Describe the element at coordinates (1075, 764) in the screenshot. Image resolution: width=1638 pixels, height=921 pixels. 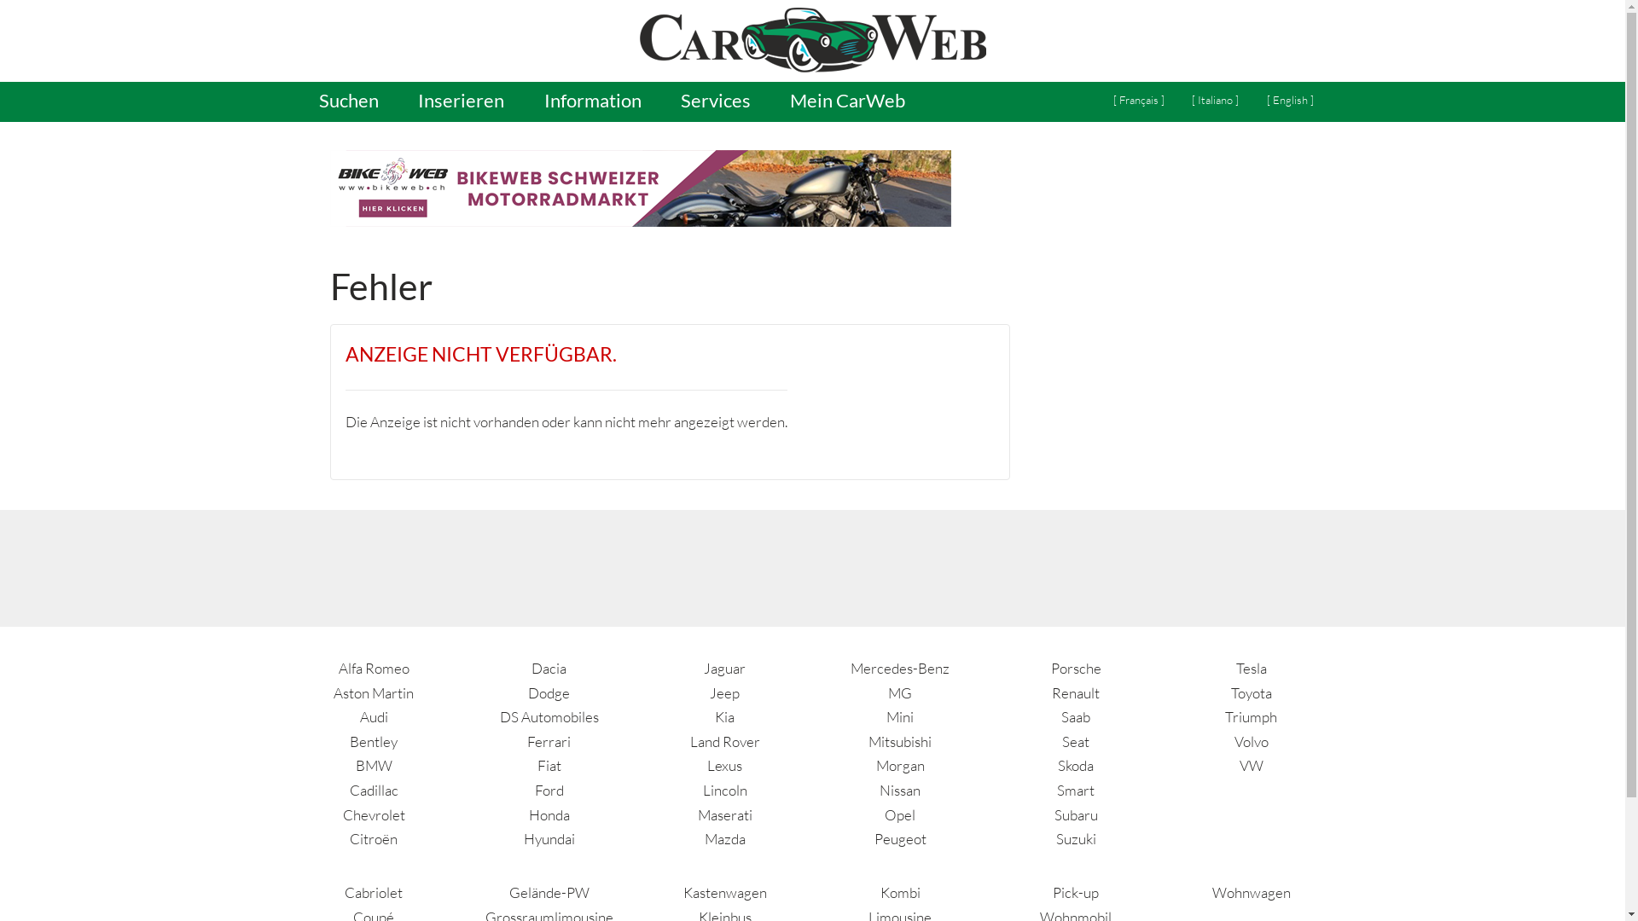
I see `'Skoda'` at that location.